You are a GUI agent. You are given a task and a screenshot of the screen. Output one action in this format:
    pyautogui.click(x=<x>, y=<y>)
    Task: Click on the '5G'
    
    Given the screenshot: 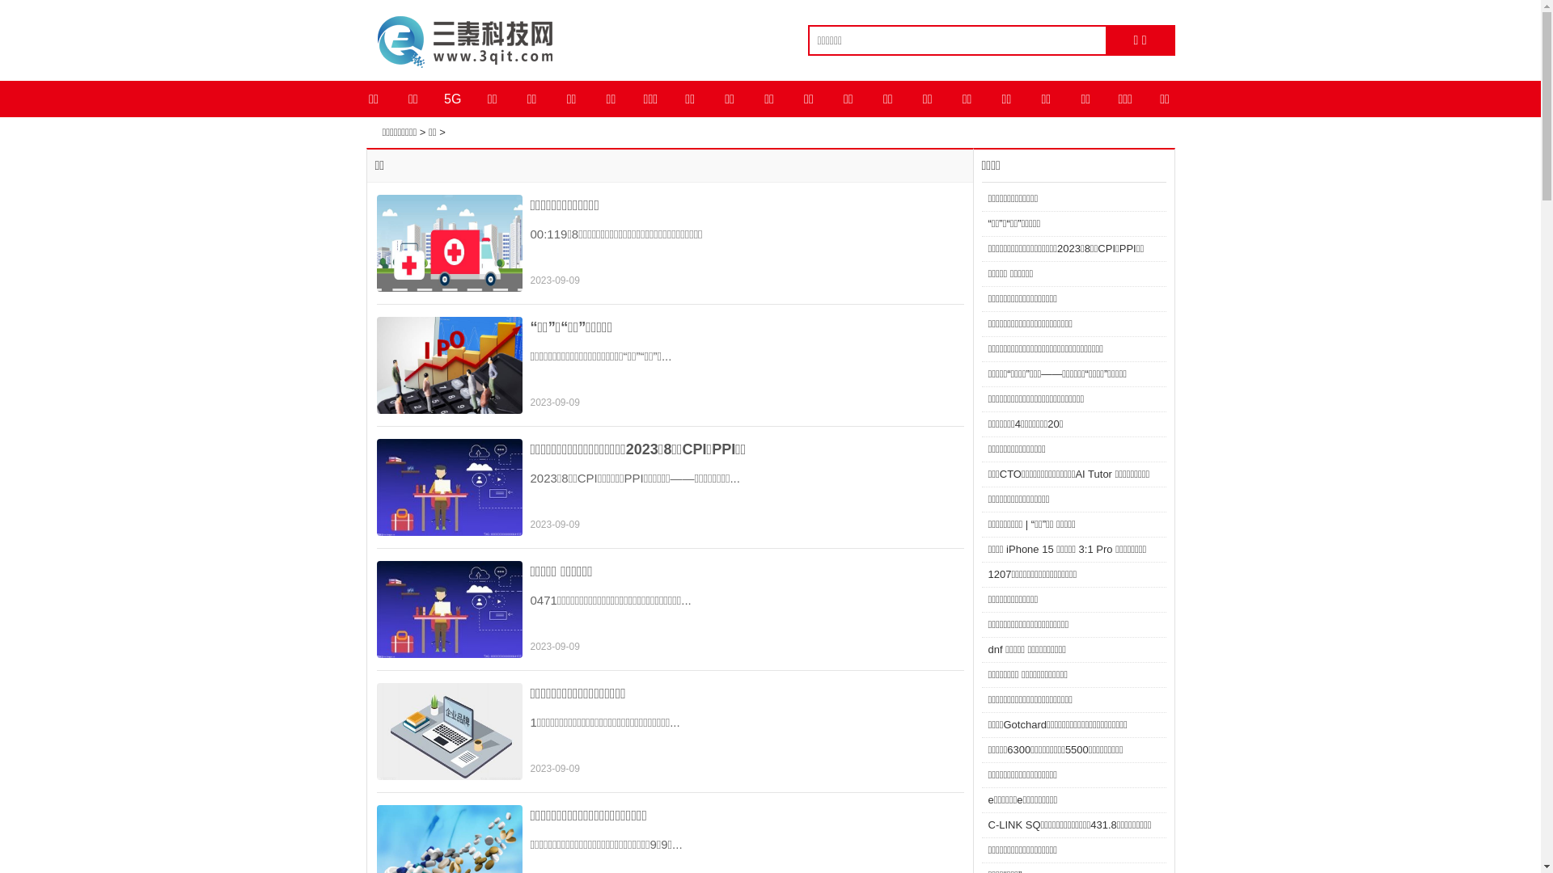 What is the action you would take?
    pyautogui.click(x=452, y=99)
    